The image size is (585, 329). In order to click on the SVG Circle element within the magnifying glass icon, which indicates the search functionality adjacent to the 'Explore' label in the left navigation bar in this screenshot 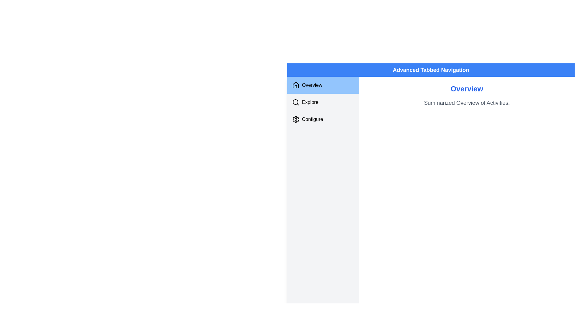, I will do `click(295, 102)`.